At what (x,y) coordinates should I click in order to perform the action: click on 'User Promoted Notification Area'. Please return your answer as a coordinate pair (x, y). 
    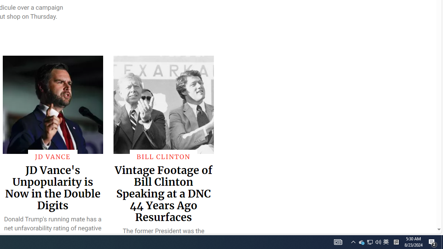
    Looking at the image, I should click on (369, 241).